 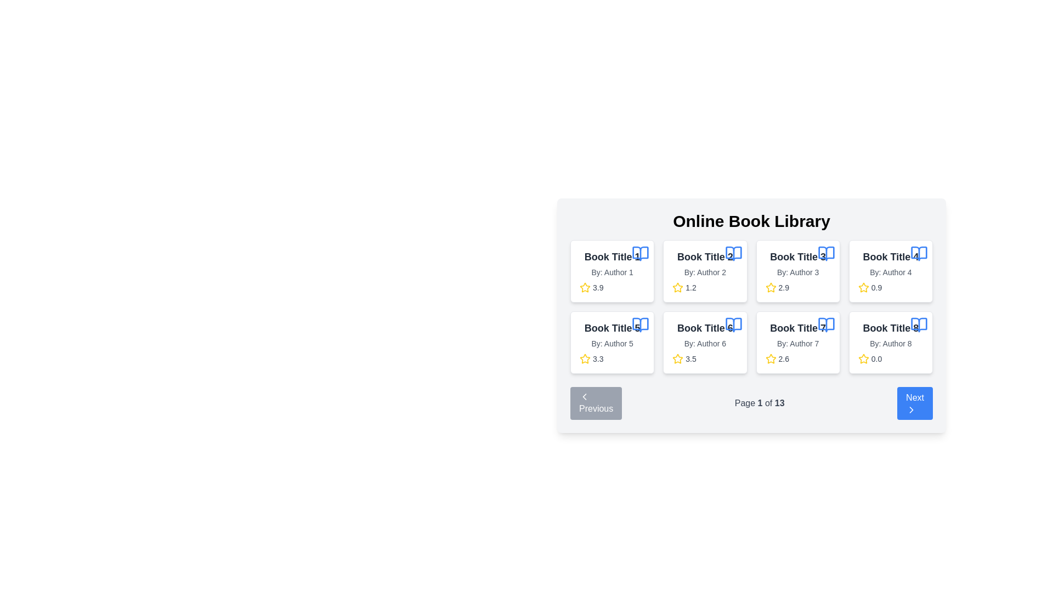 I want to click on the Open Book icon located in the upper right corner of the 'Book Title 7' card, so click(x=826, y=325).